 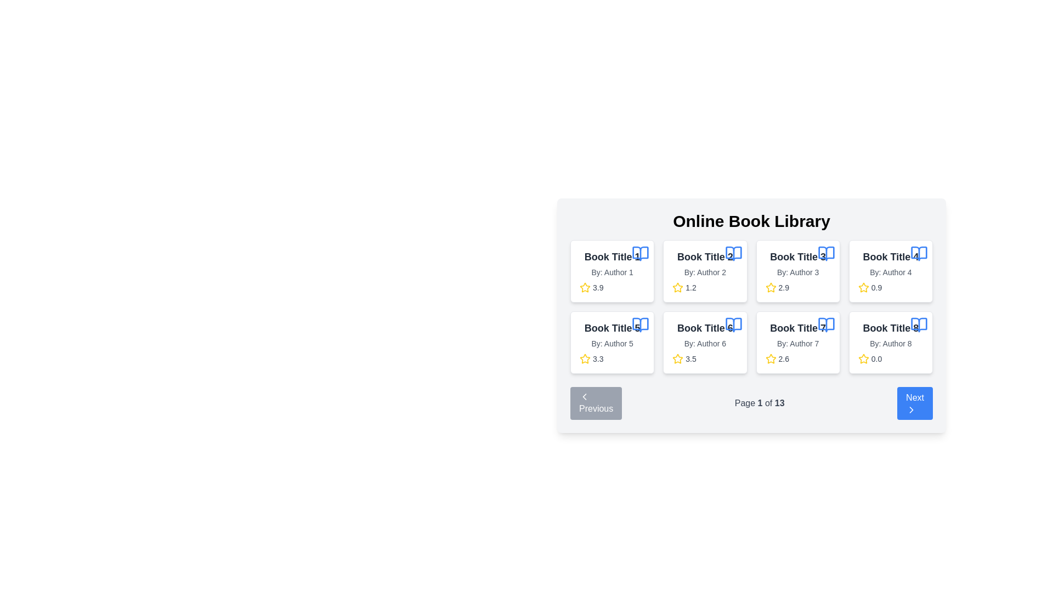 I want to click on the Open Book icon located in the upper right corner of the 'Book Title 7' card, so click(x=826, y=325).